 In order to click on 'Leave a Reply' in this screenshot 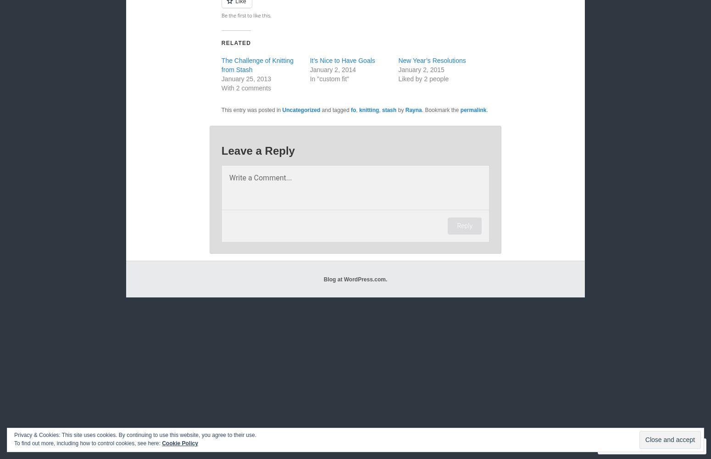, I will do `click(258, 150)`.